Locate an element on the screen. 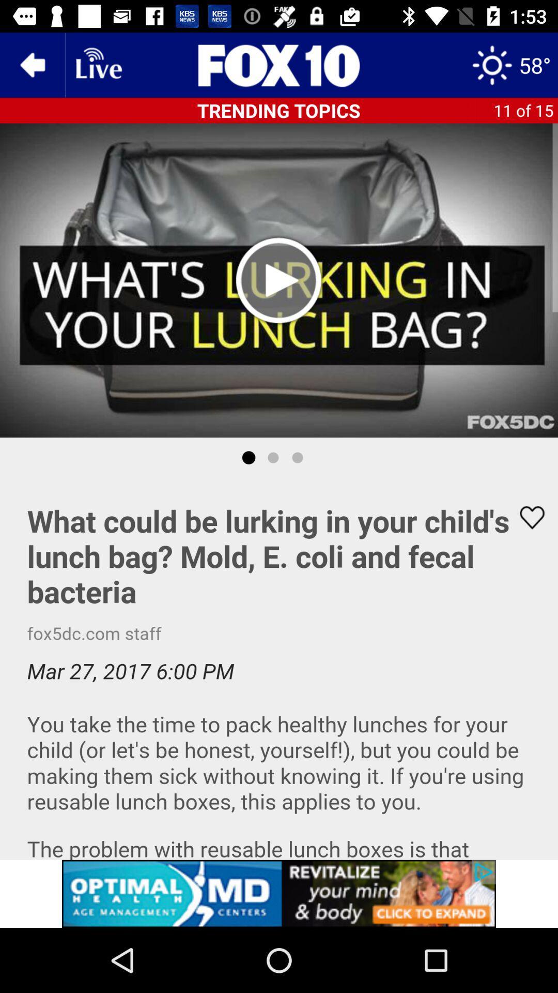 The height and width of the screenshot is (993, 558). advertiser banner is located at coordinates (279, 893).